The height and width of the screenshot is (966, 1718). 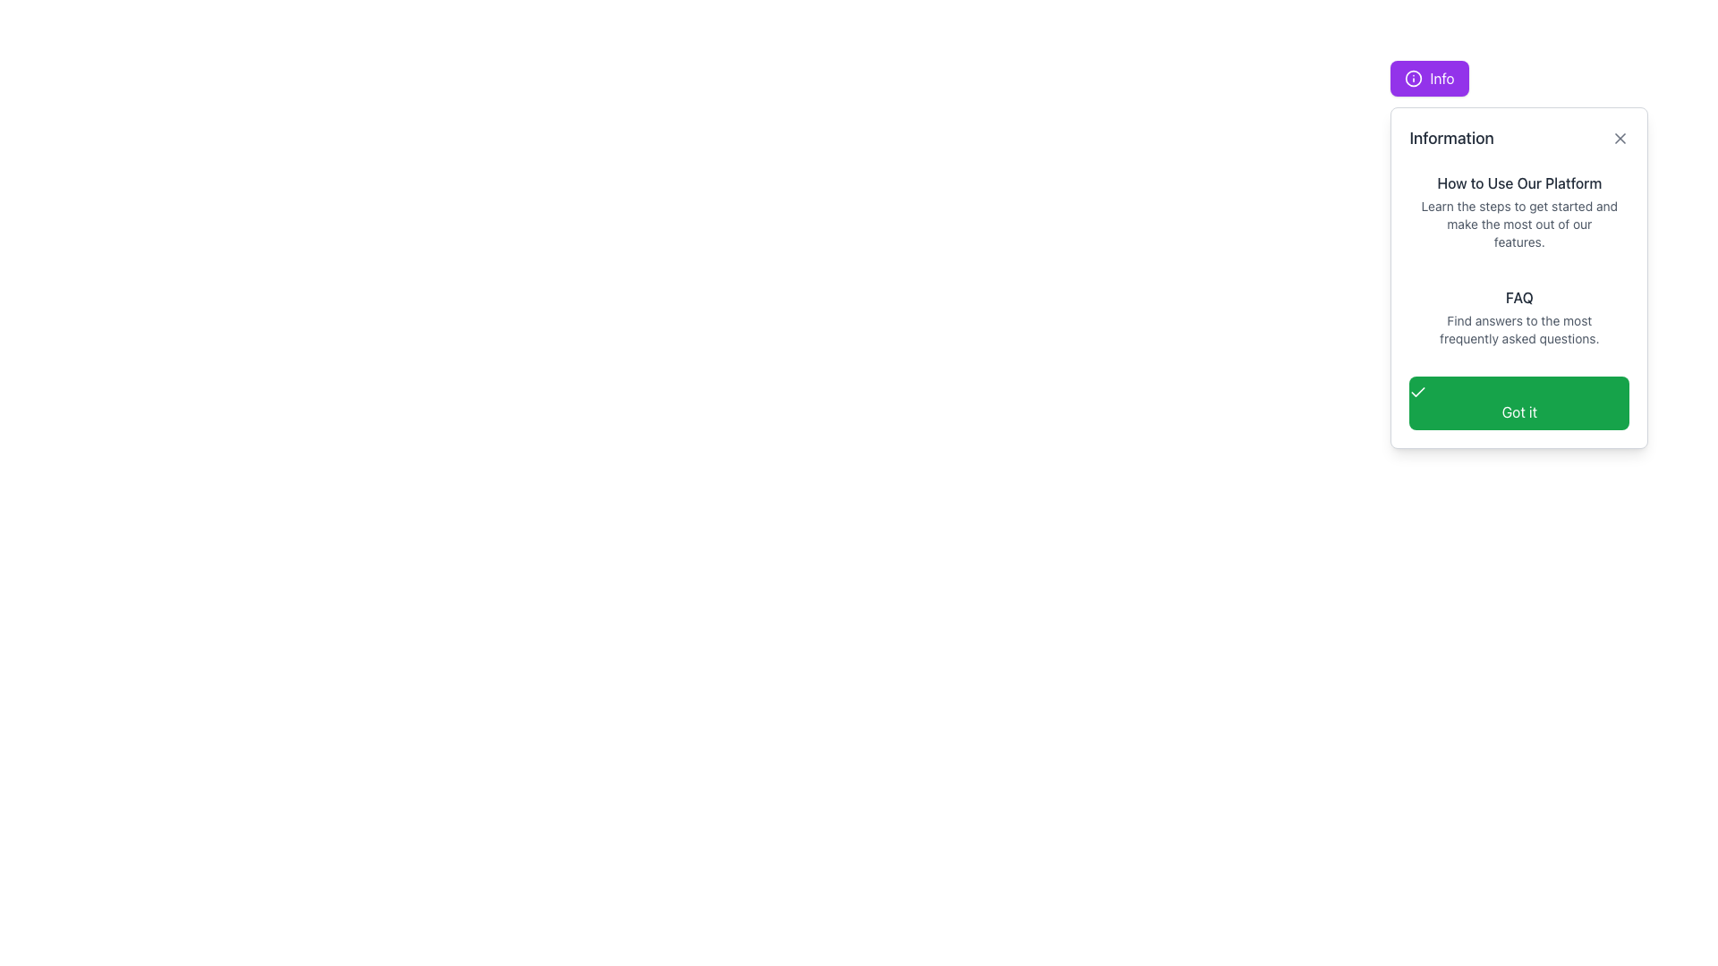 I want to click on the purple 'Info' button with rounded corners and a shadow effect, so click(x=1429, y=78).